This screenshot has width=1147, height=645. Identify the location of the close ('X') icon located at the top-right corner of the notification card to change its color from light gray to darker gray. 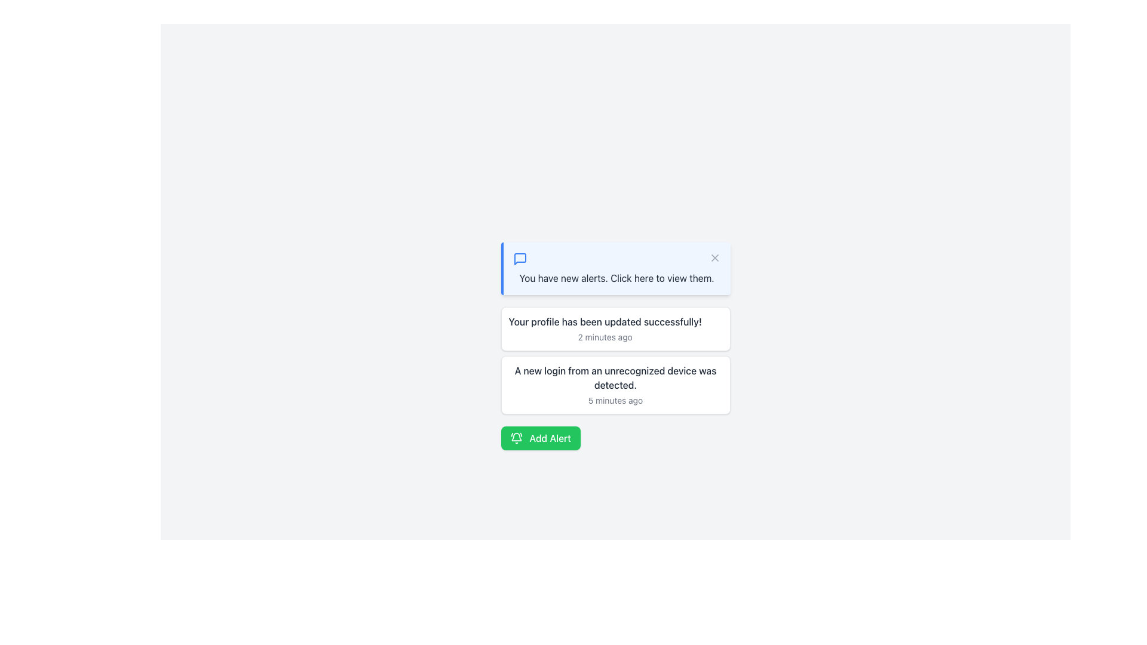
(714, 257).